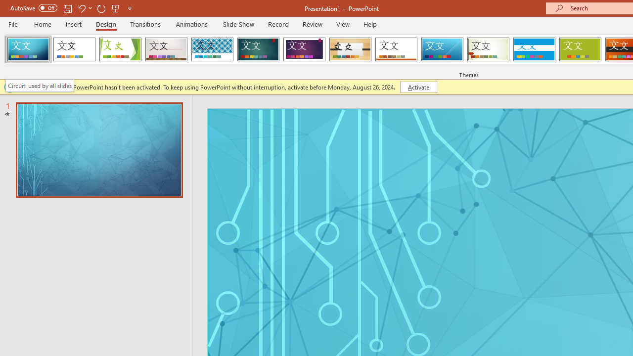 Image resolution: width=633 pixels, height=356 pixels. I want to click on 'Activate', so click(419, 87).